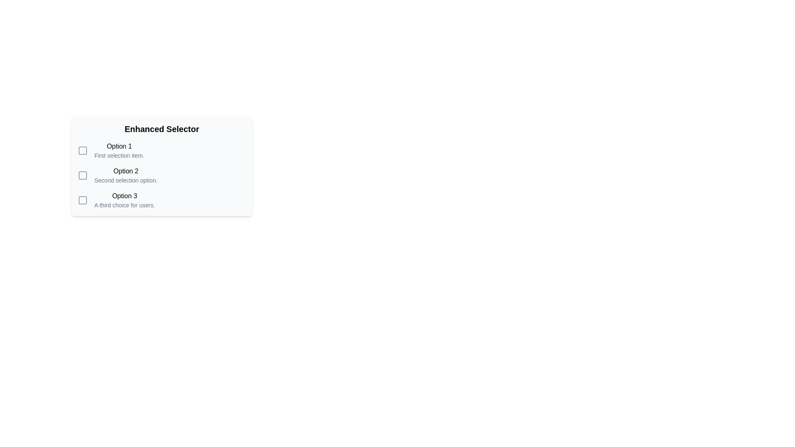  What do you see at coordinates (119, 146) in the screenshot?
I see `the text label displaying 'Option 1', which is styled with a medium font weight and is located at the top of the list under the heading 'Enhanced Selector'` at bounding box center [119, 146].